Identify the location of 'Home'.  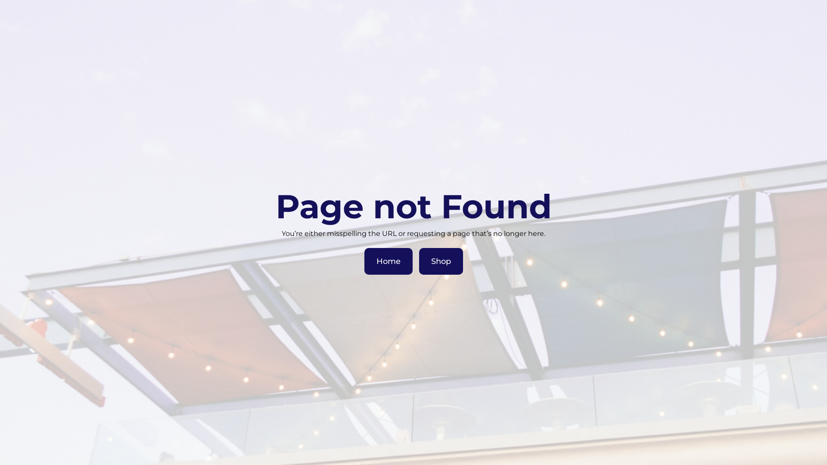
(388, 260).